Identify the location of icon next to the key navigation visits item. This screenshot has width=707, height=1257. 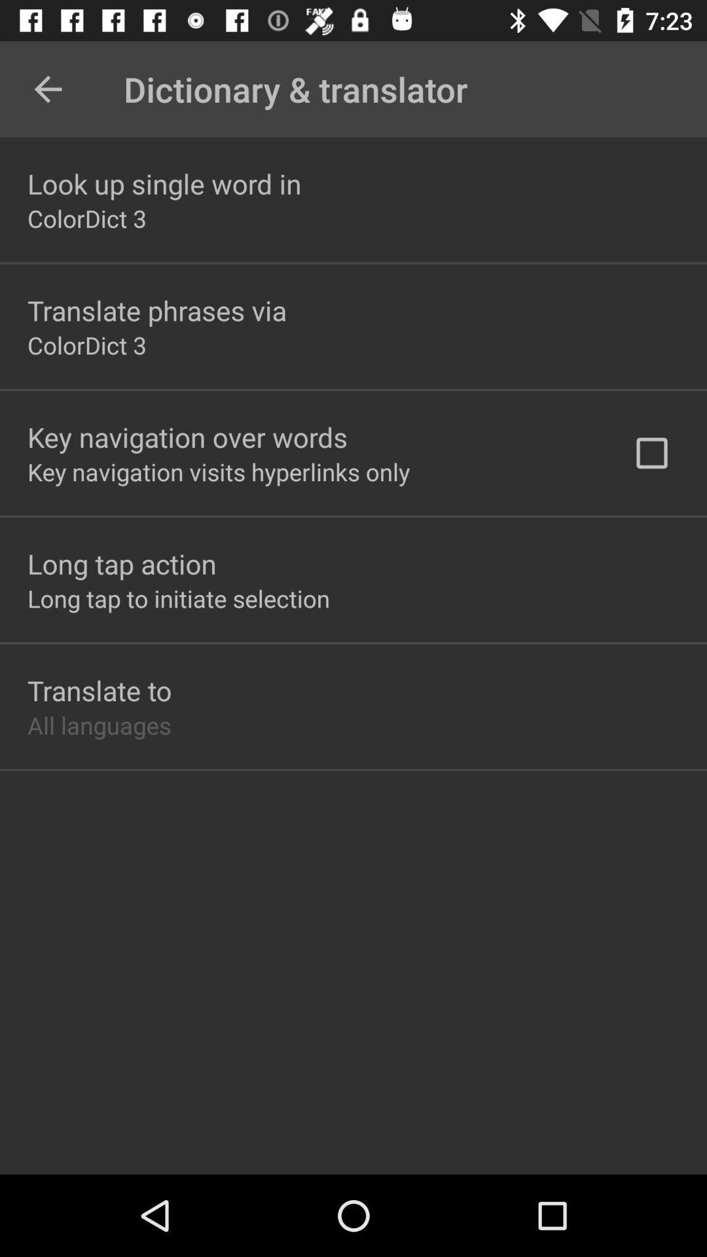
(651, 453).